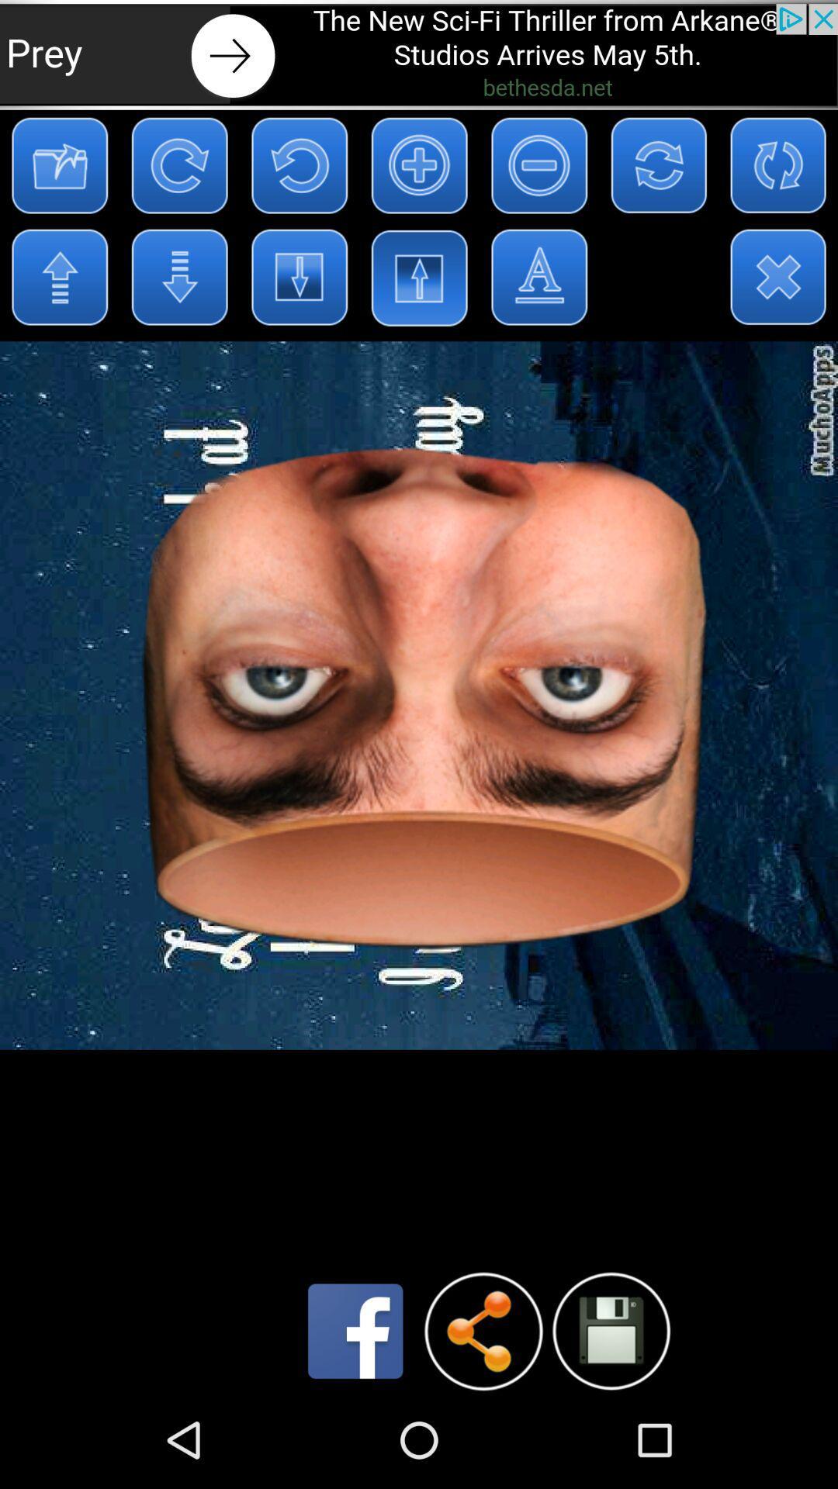  What do you see at coordinates (355, 1330) in the screenshot?
I see `share to facebook` at bounding box center [355, 1330].